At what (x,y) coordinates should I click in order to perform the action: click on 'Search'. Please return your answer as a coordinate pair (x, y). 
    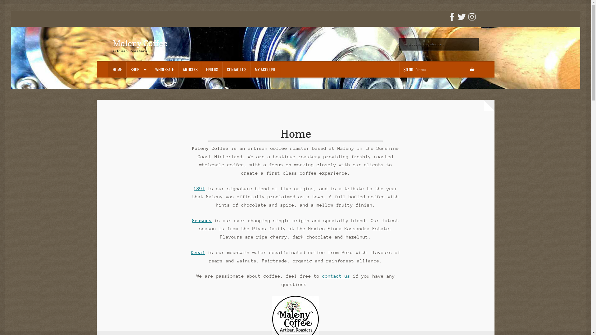
    Looking at the image, I should click on (399, 38).